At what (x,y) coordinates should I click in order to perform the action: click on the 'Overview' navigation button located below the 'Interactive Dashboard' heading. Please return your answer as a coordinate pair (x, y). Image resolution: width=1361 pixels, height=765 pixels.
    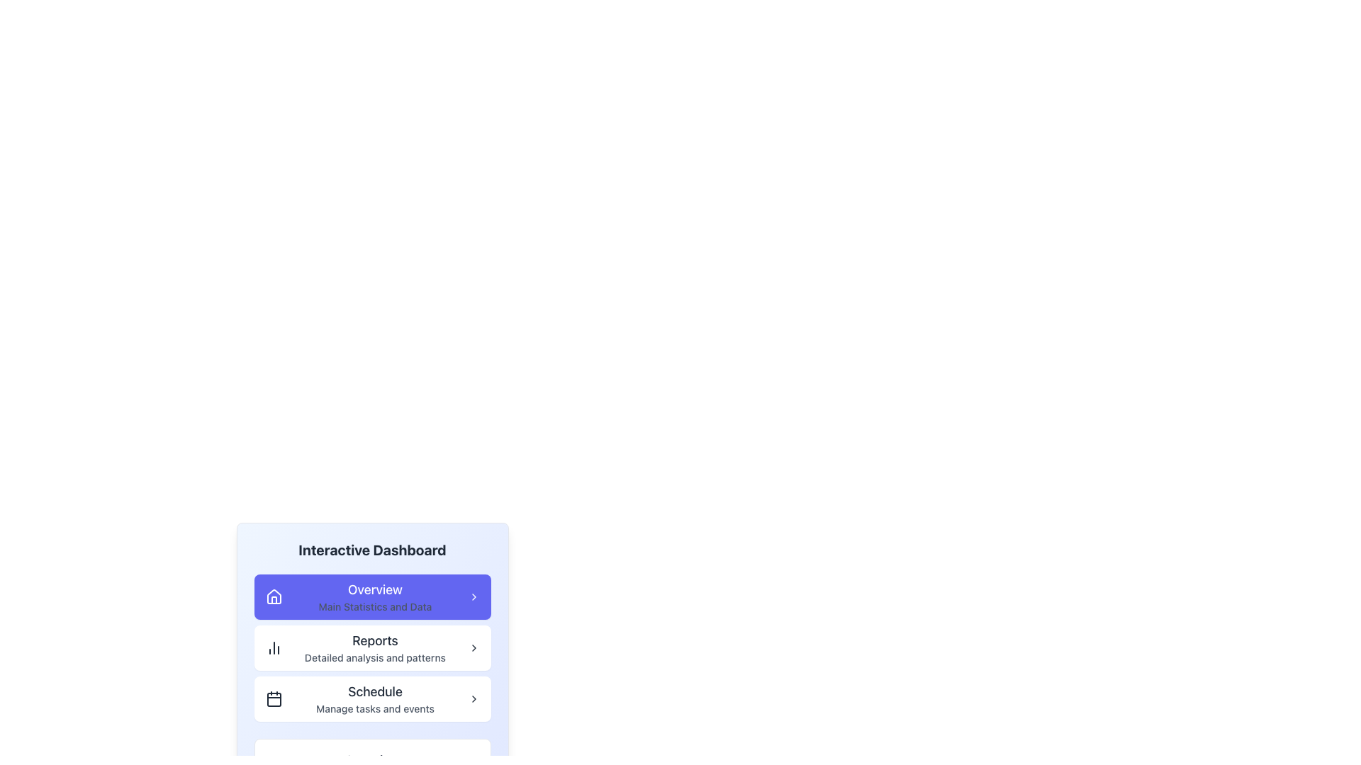
    Looking at the image, I should click on (372, 616).